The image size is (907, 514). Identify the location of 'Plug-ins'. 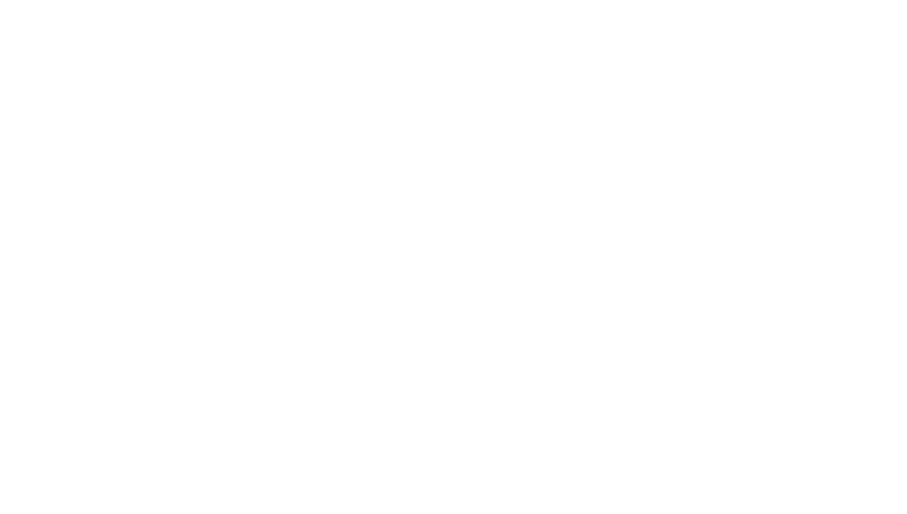
(305, 399).